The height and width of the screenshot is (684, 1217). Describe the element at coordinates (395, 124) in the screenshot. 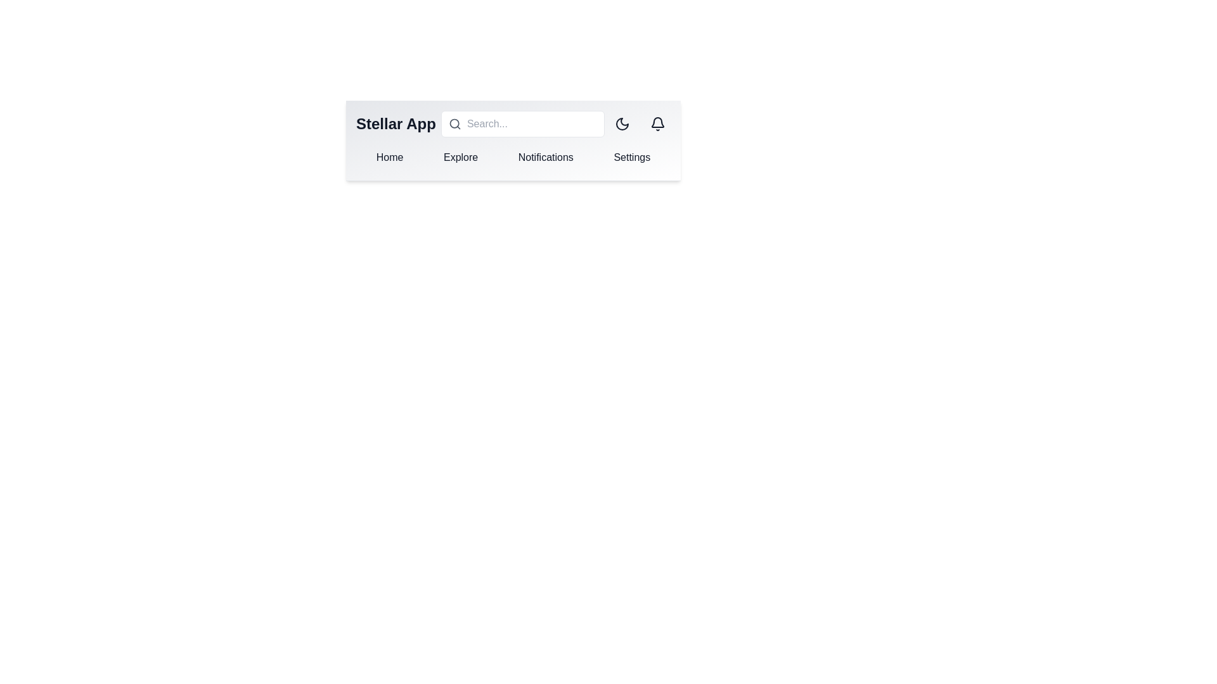

I see `the header title 'Stellar App'` at that location.